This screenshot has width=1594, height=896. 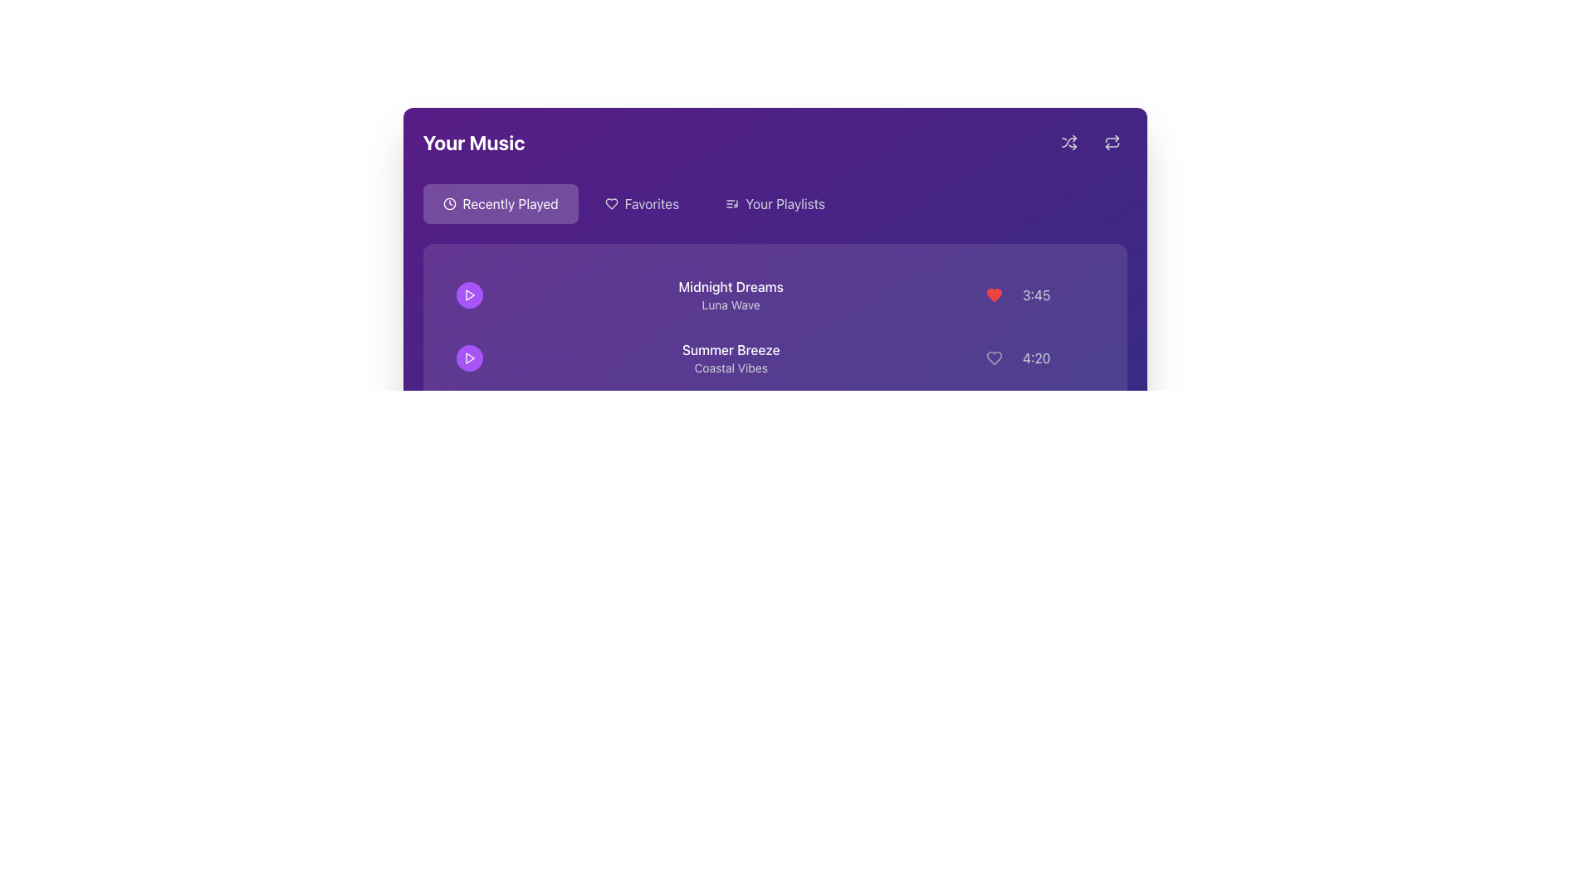 What do you see at coordinates (468, 358) in the screenshot?
I see `the play button for the audio track labeled 'Summer Breeze' featuring 'Coastal Vibes' to observe the hover effect` at bounding box center [468, 358].